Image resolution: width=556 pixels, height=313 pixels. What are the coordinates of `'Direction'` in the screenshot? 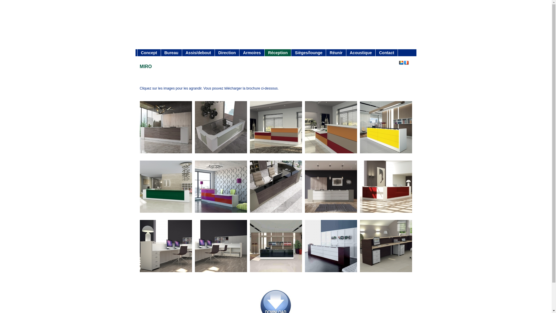 It's located at (226, 52).